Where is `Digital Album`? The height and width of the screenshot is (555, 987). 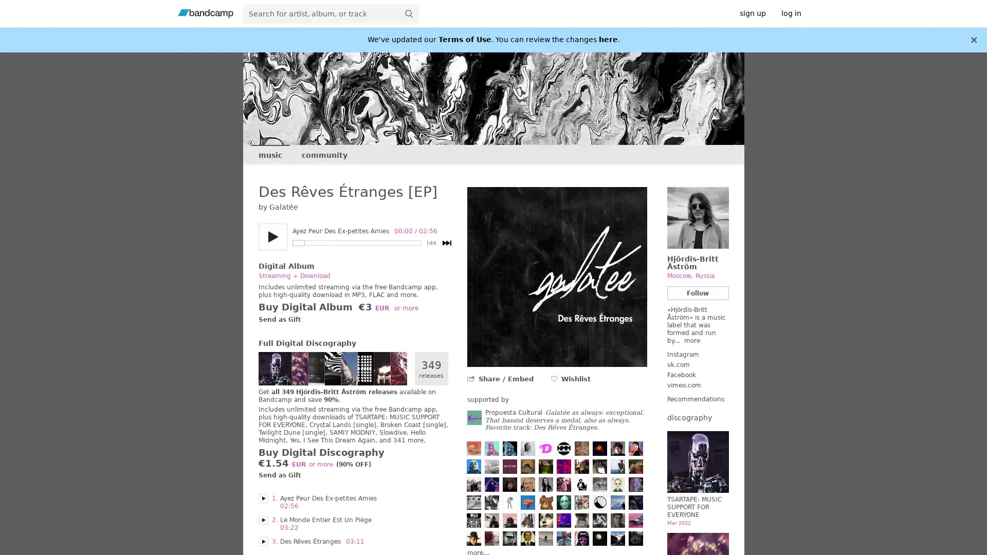 Digital Album is located at coordinates (286, 265).